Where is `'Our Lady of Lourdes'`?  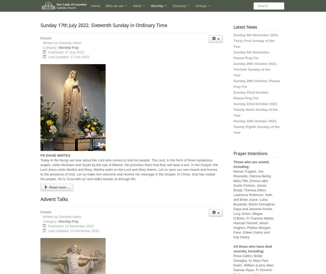
'Our Lady of Lourdes' is located at coordinates (71, 4).